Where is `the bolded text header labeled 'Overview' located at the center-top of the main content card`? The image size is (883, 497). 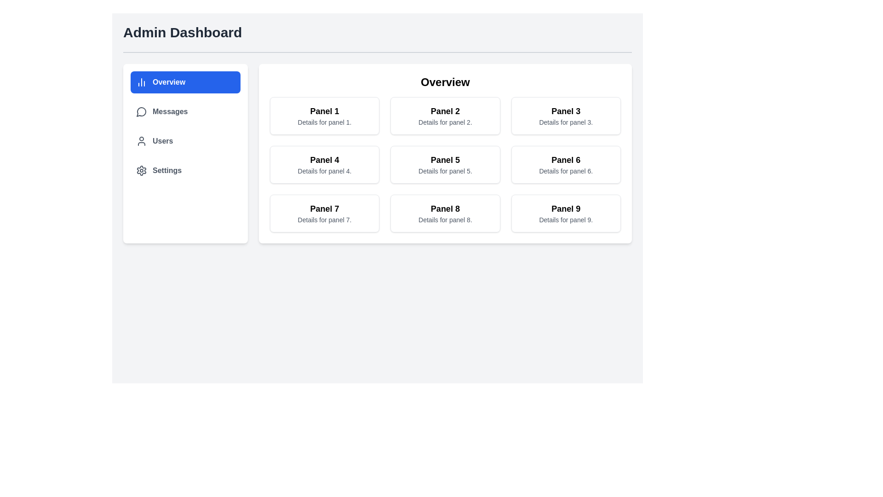 the bolded text header labeled 'Overview' located at the center-top of the main content card is located at coordinates (445, 81).